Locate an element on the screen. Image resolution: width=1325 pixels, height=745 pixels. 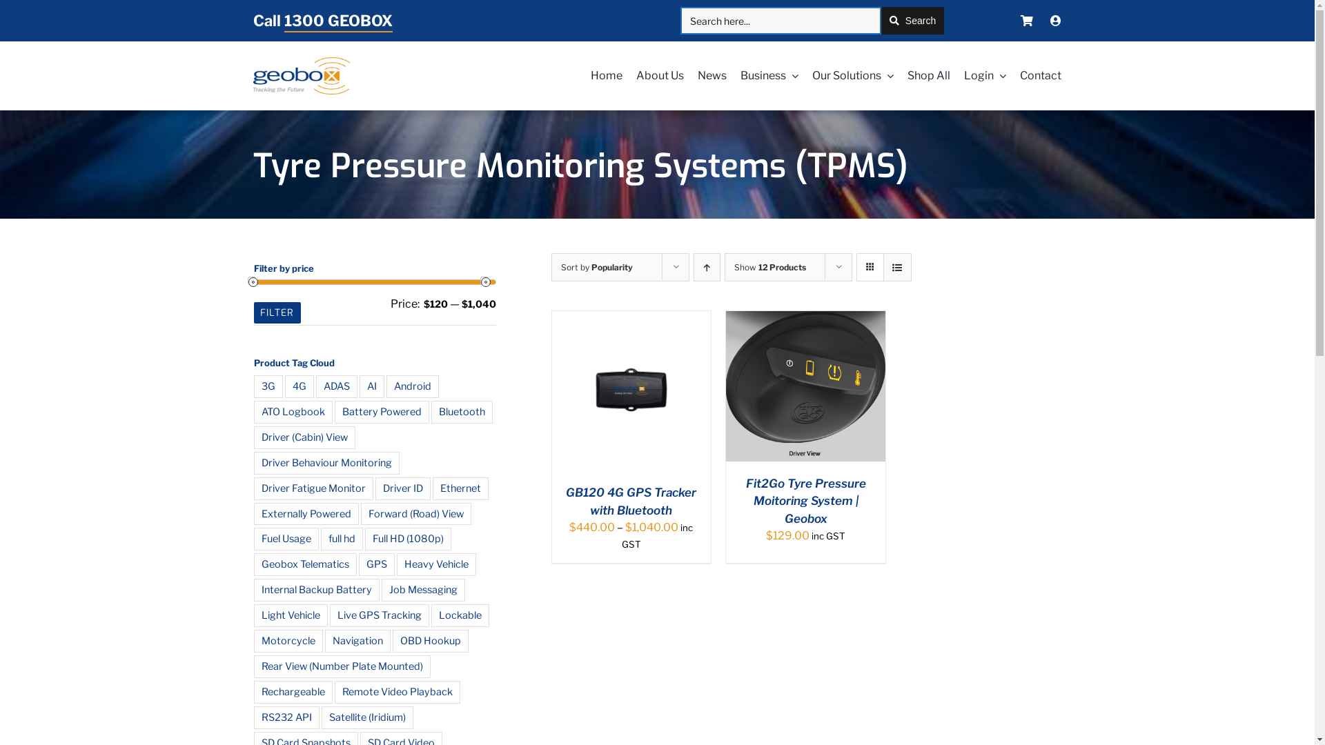
'Business' is located at coordinates (761, 76).